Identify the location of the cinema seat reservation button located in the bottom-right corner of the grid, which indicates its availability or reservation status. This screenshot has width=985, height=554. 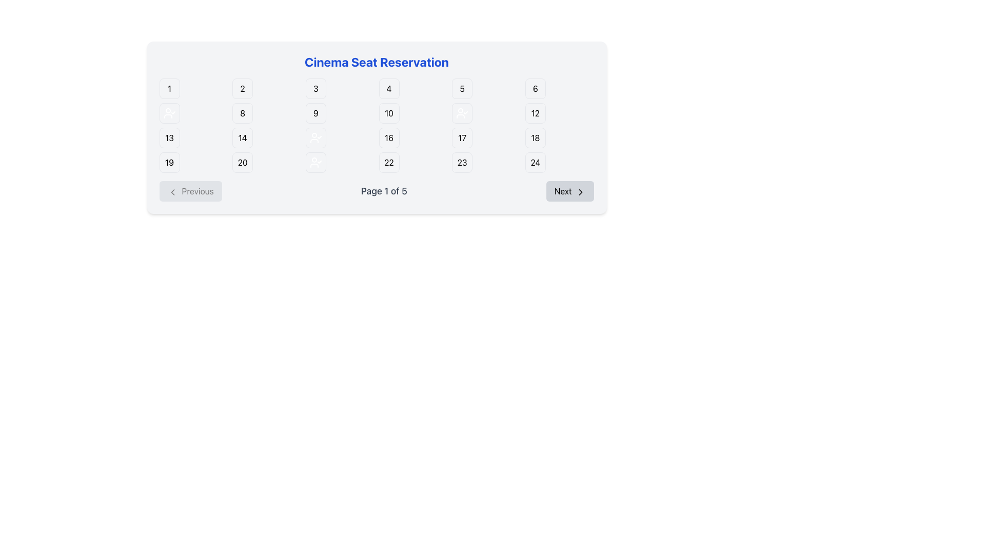
(535, 162).